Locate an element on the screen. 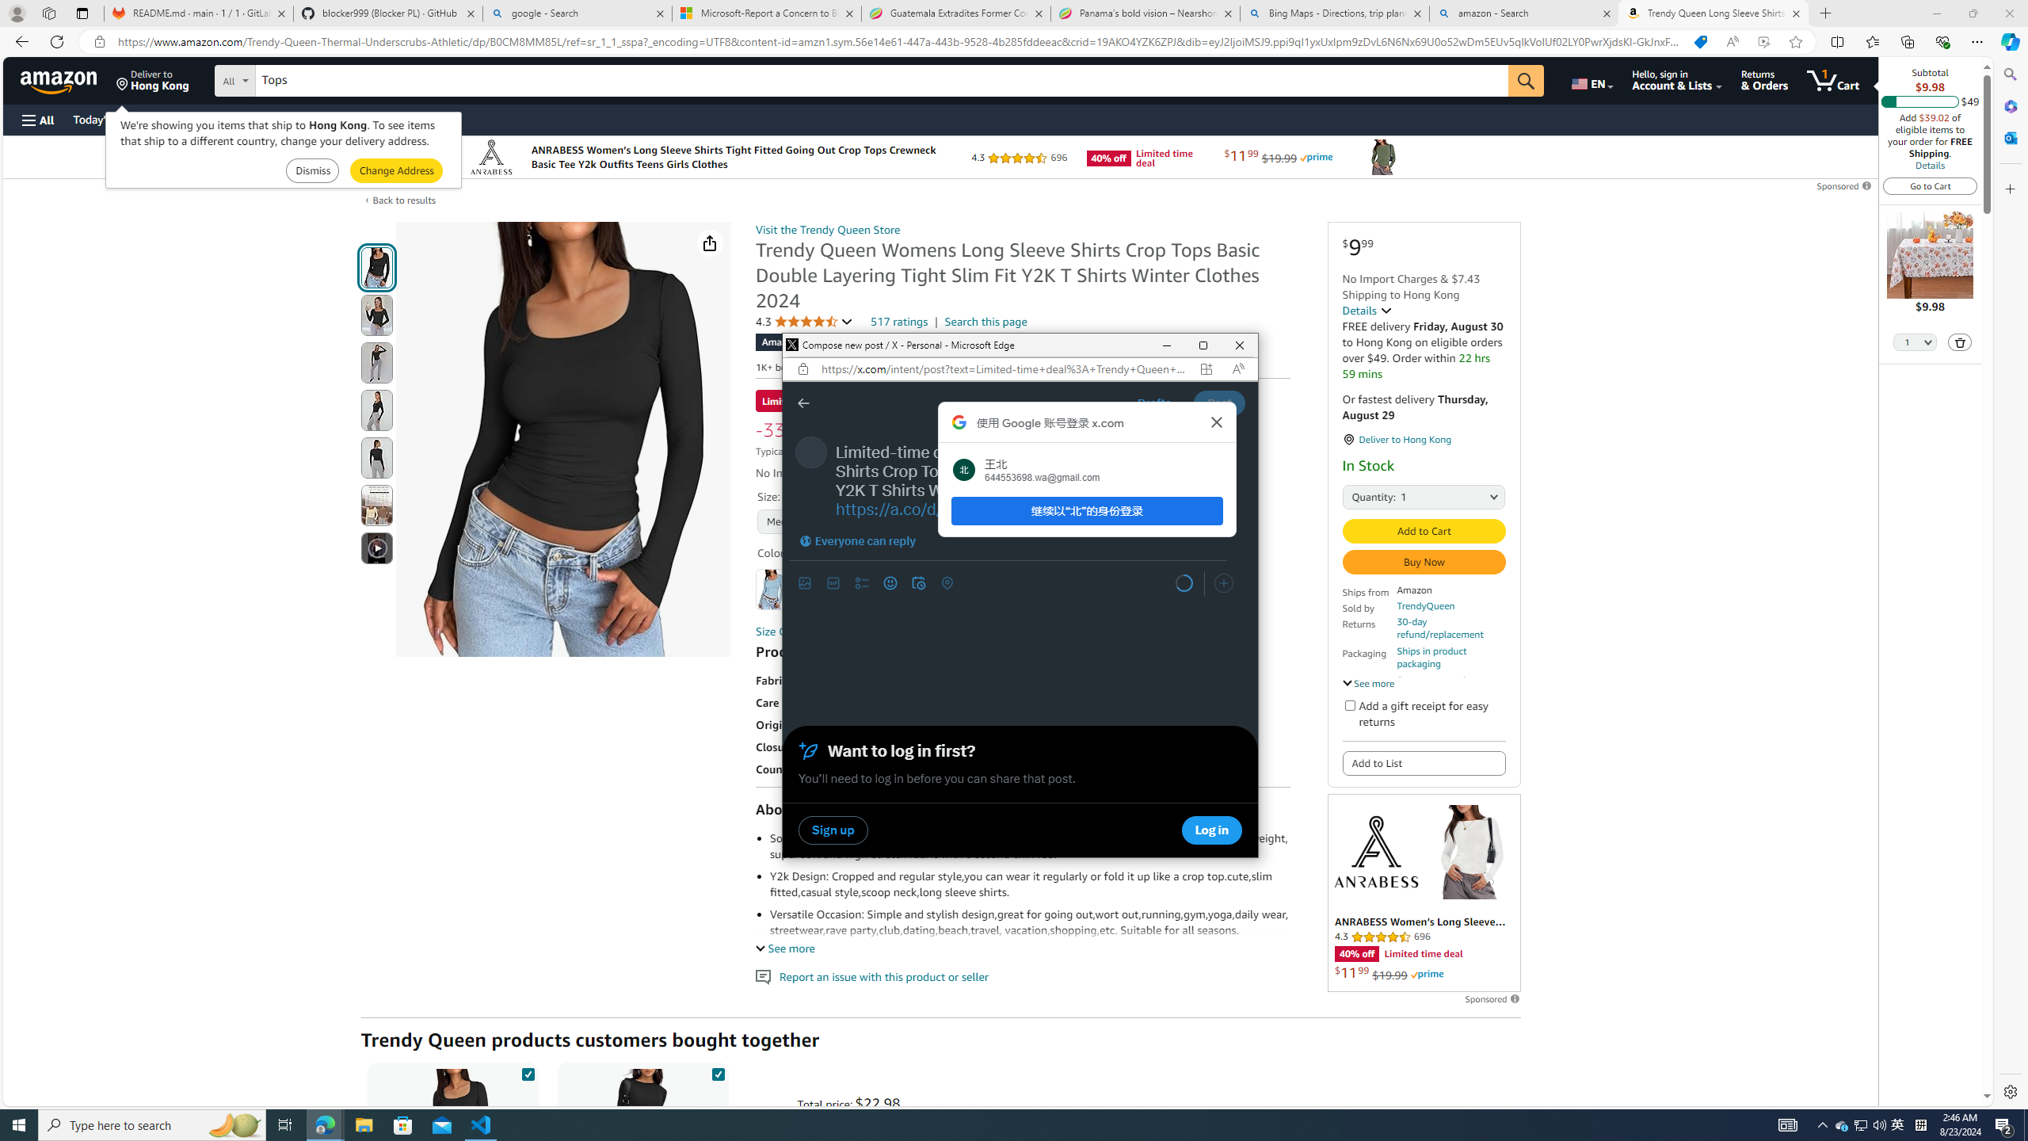 The width and height of the screenshot is (2028, 1141). 'Quantity:' is located at coordinates (1359, 494).